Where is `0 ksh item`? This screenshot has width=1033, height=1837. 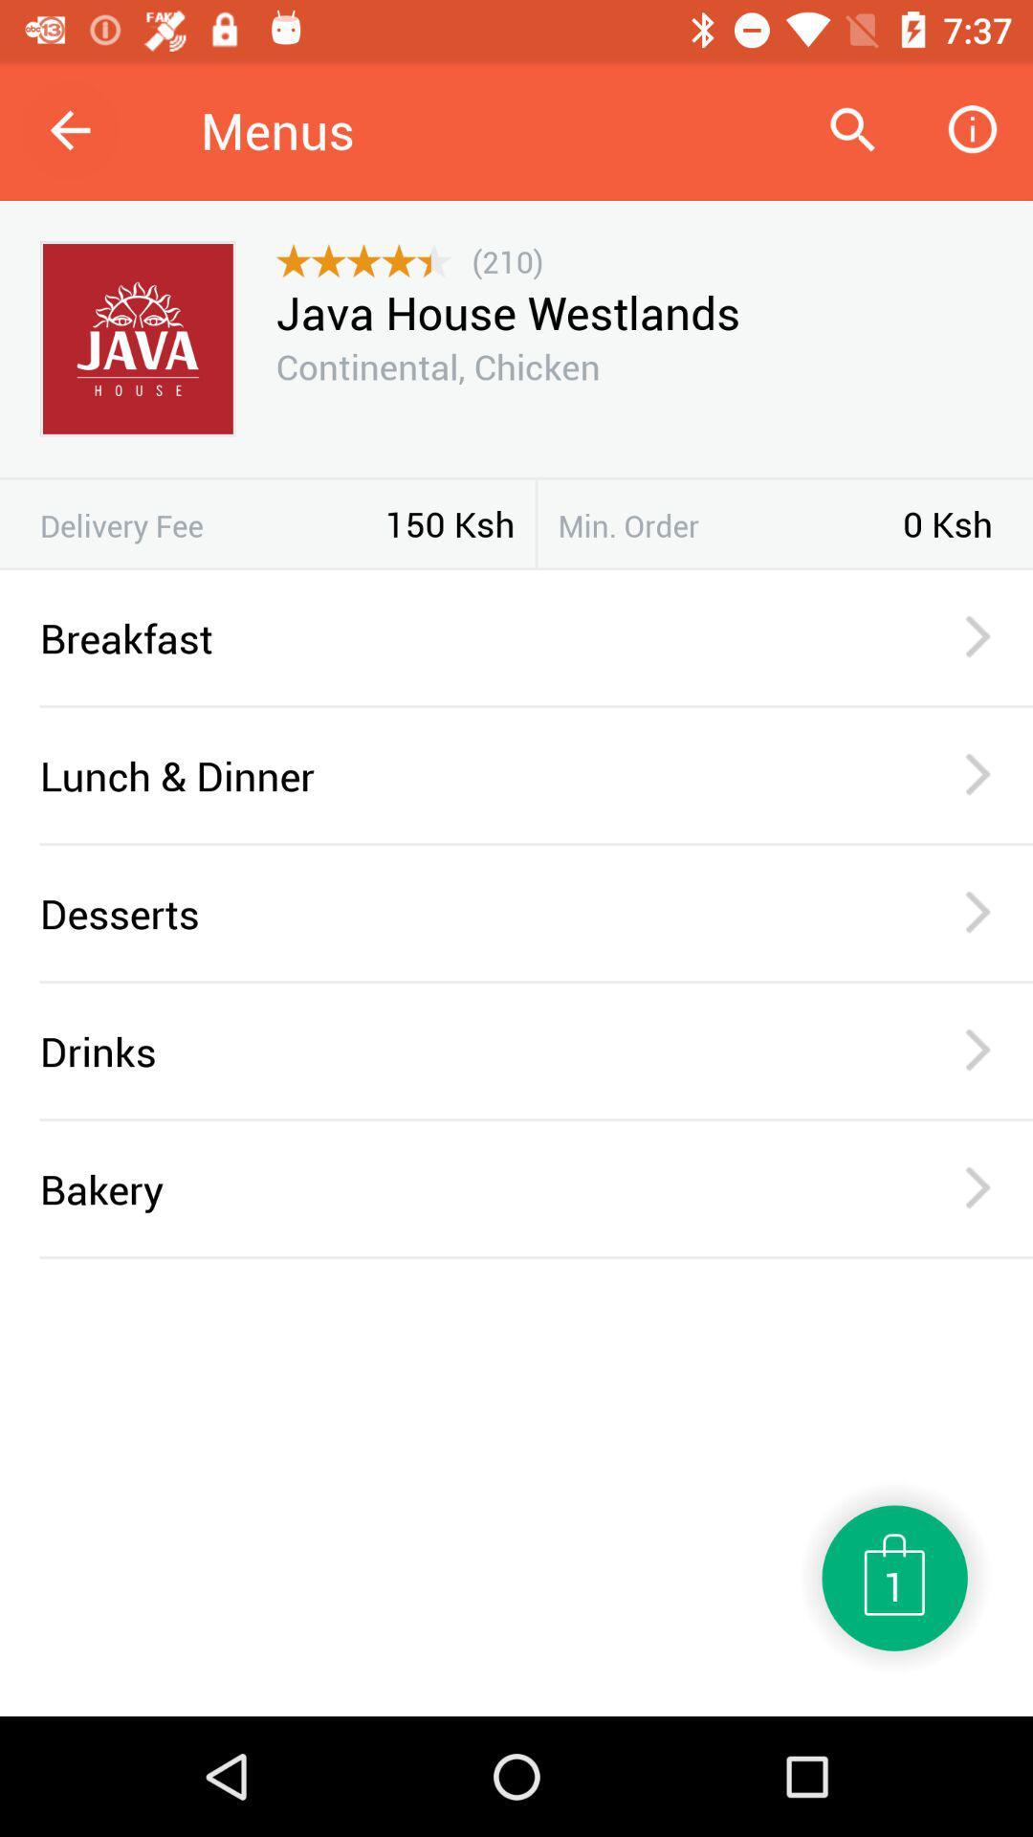
0 ksh item is located at coordinates (948, 523).